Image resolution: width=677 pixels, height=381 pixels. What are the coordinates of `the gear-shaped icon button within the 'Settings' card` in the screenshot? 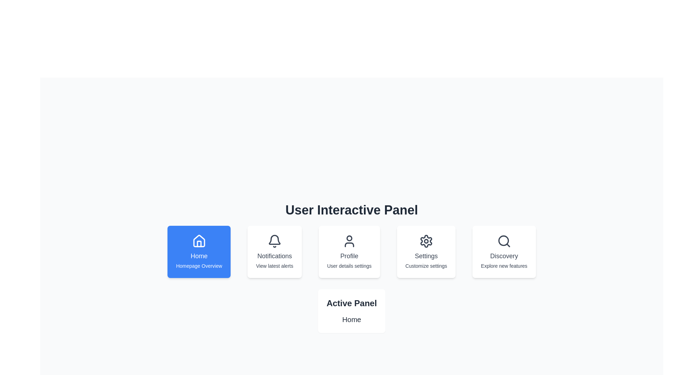 It's located at (426, 241).